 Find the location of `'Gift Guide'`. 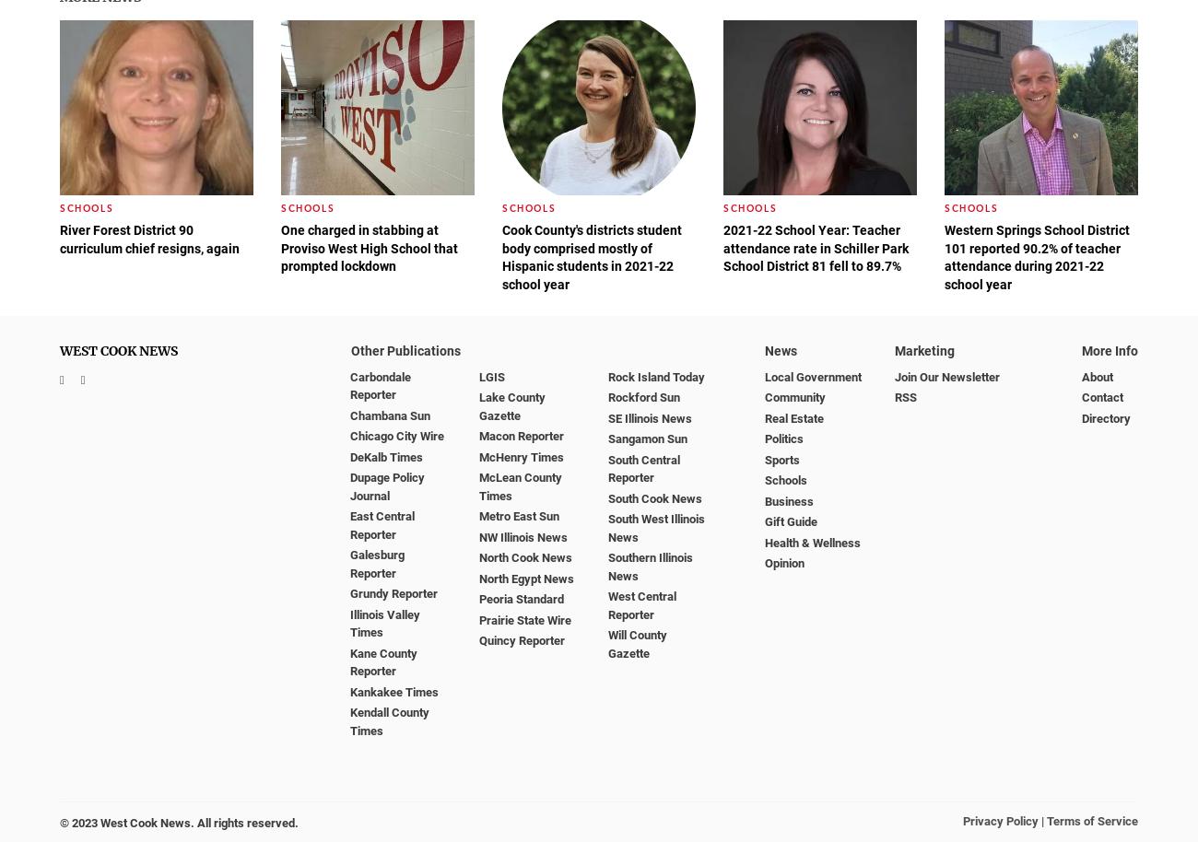

'Gift Guide' is located at coordinates (790, 521).